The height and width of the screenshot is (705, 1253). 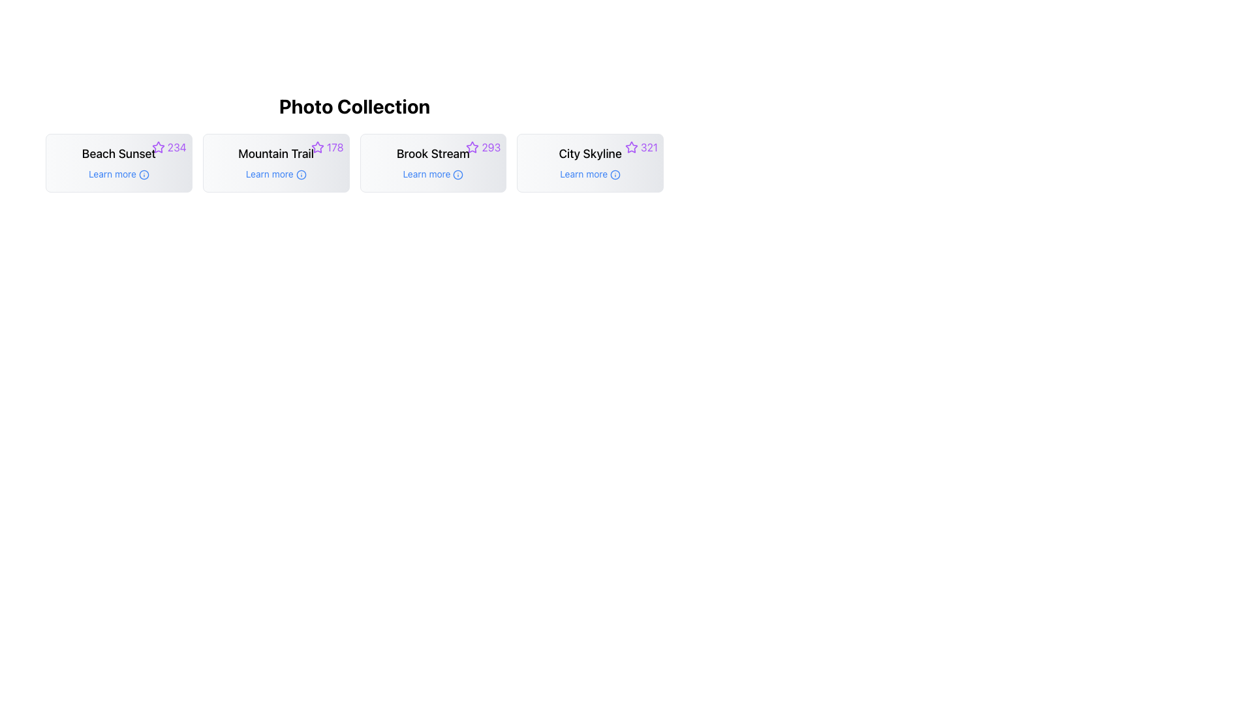 I want to click on the help icon located to the right of the 'Learn more' link beneath the 'Brook Stream' card in the 'Photo Collection' section to provide additional information or help, so click(x=458, y=174).